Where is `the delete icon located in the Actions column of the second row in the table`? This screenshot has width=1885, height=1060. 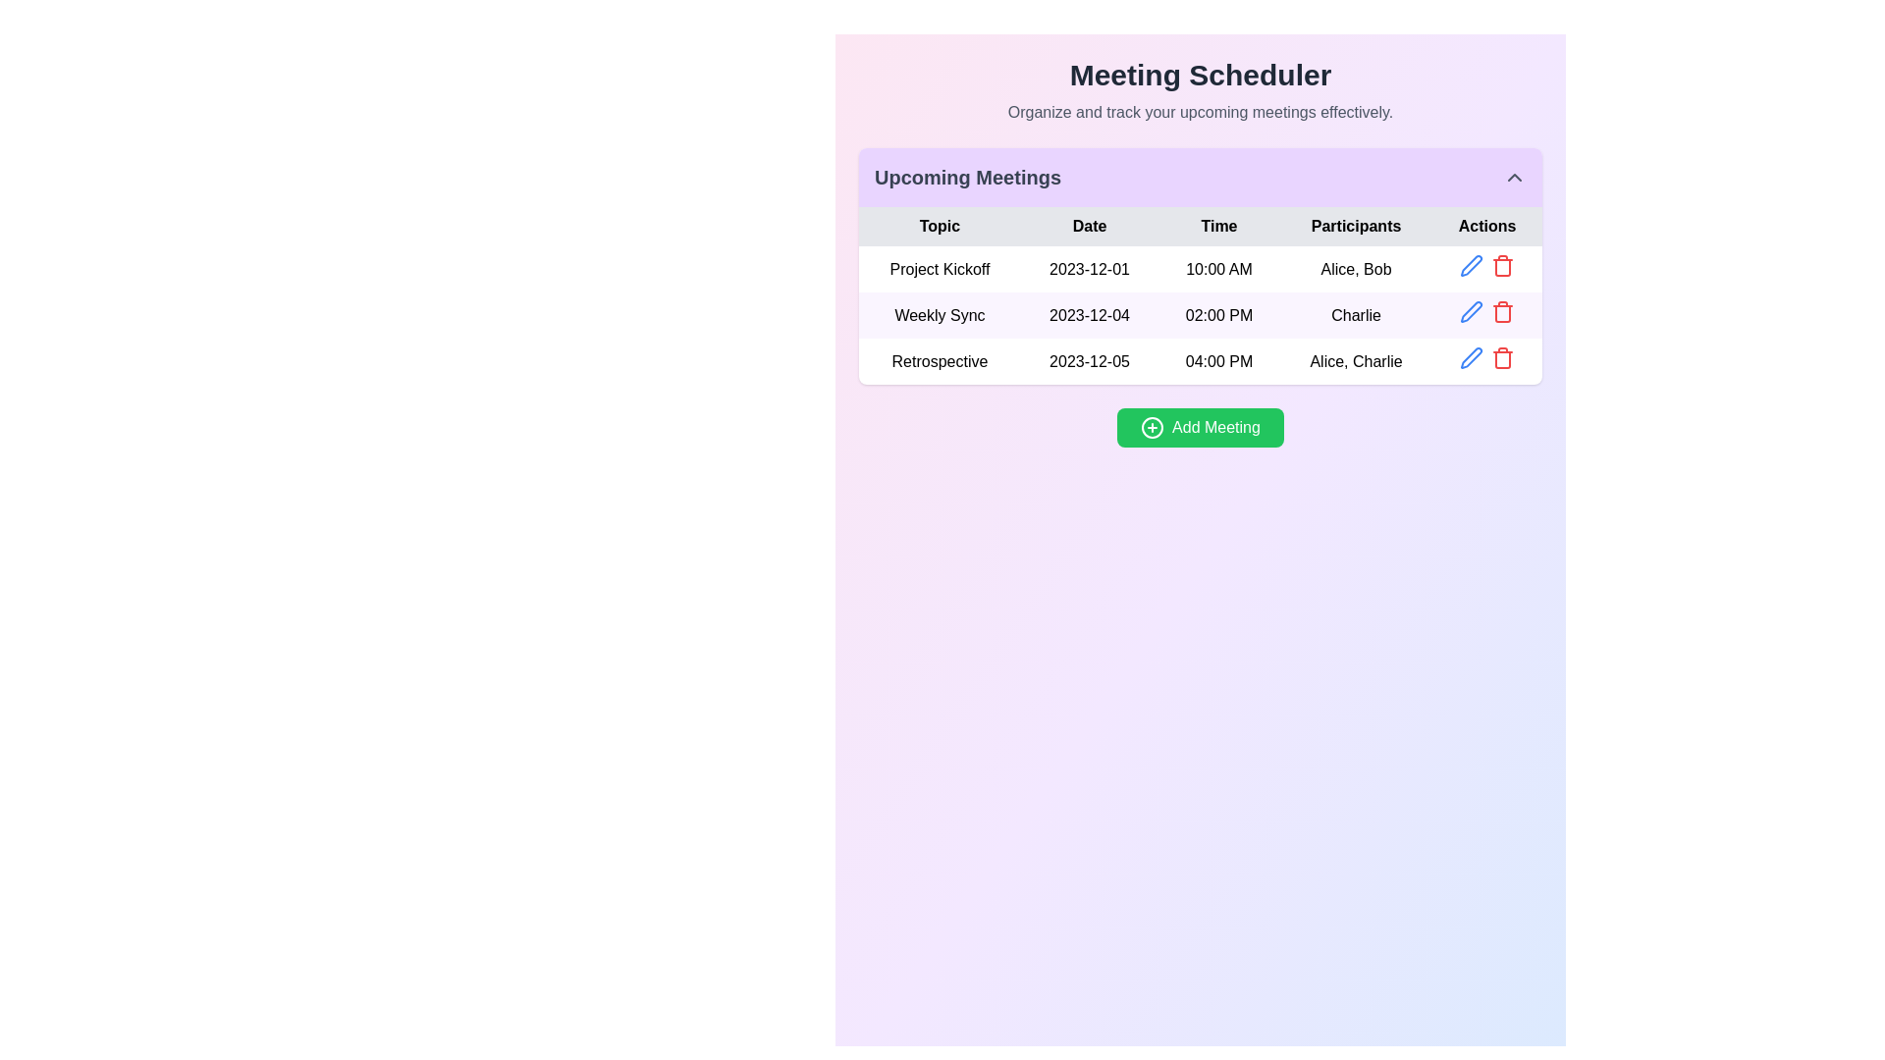
the delete icon located in the Actions column of the second row in the table is located at coordinates (1502, 313).